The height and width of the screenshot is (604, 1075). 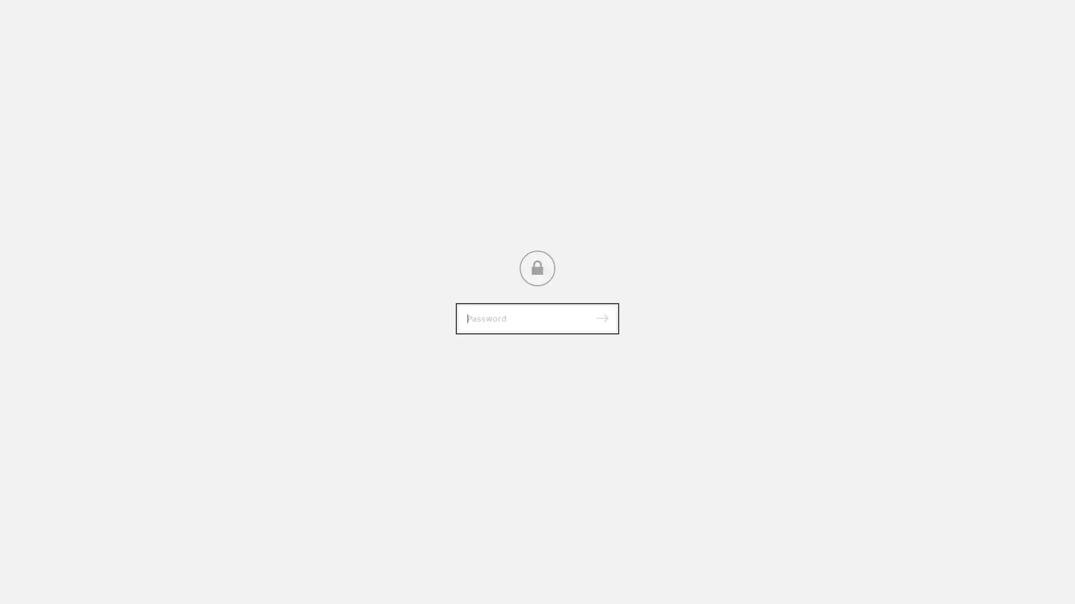 I want to click on Submit, so click(x=601, y=319).